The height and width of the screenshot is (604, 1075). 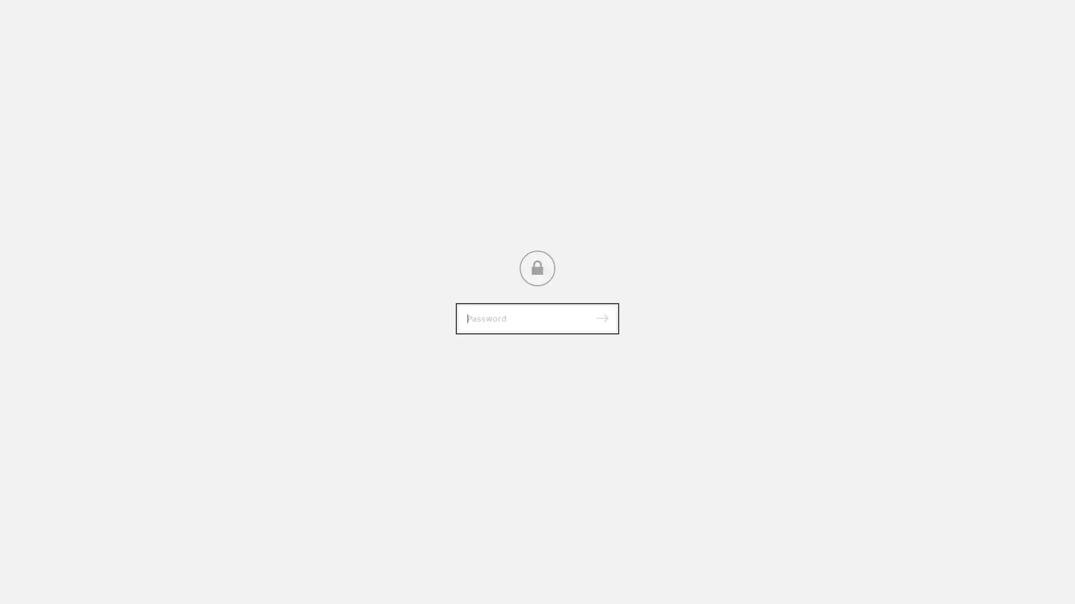 I want to click on Submit, so click(x=601, y=319).